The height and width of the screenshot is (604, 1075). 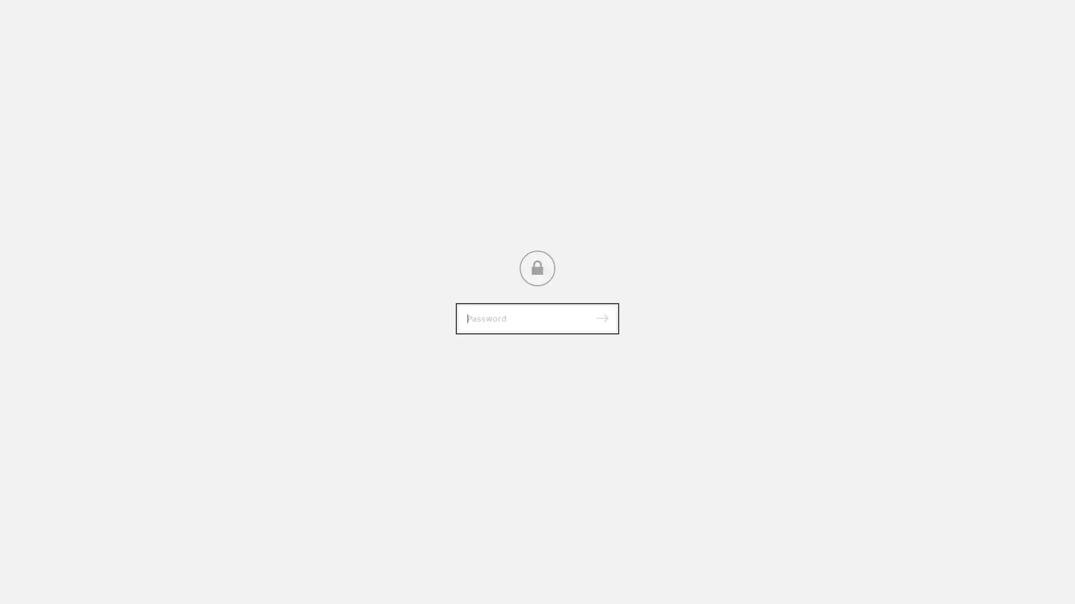 I want to click on Submit, so click(x=601, y=319).